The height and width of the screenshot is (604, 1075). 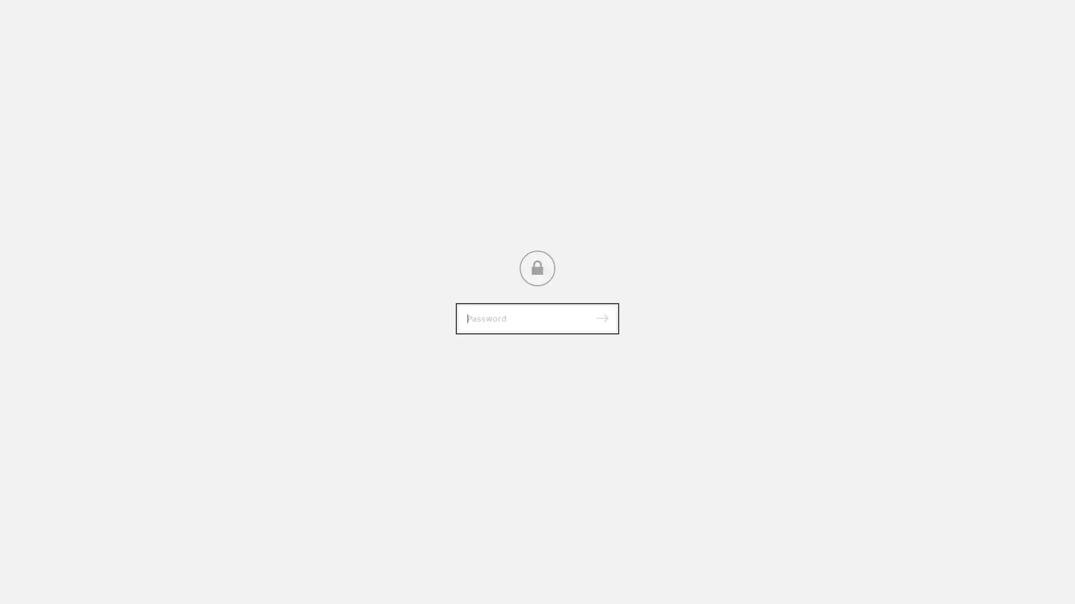 I want to click on Submit, so click(x=601, y=319).